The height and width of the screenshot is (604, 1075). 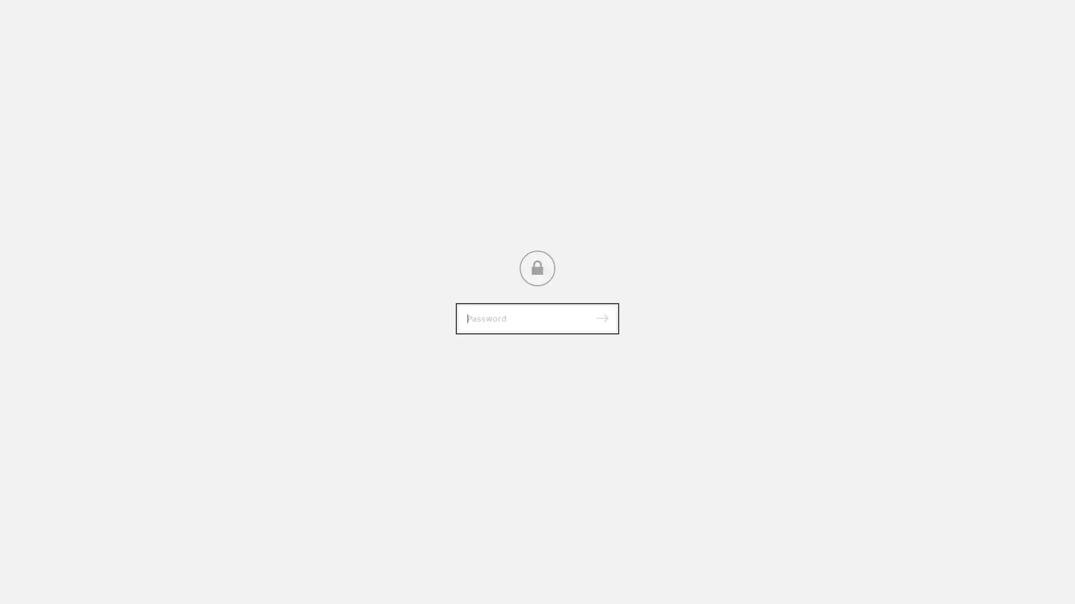 I want to click on Submit, so click(x=601, y=319).